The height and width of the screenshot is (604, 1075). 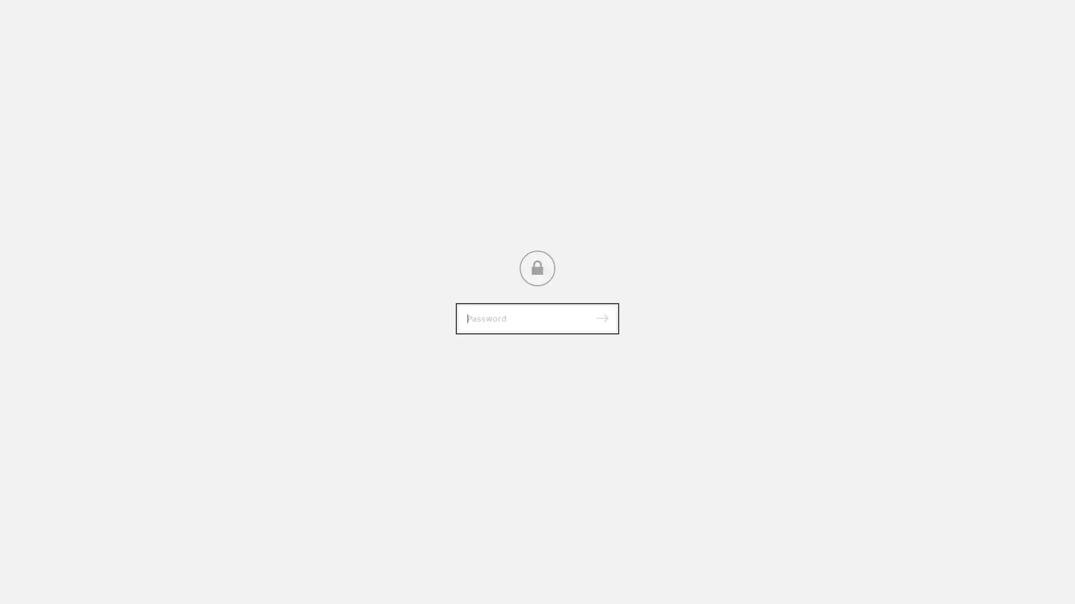 I want to click on Submit, so click(x=601, y=319).